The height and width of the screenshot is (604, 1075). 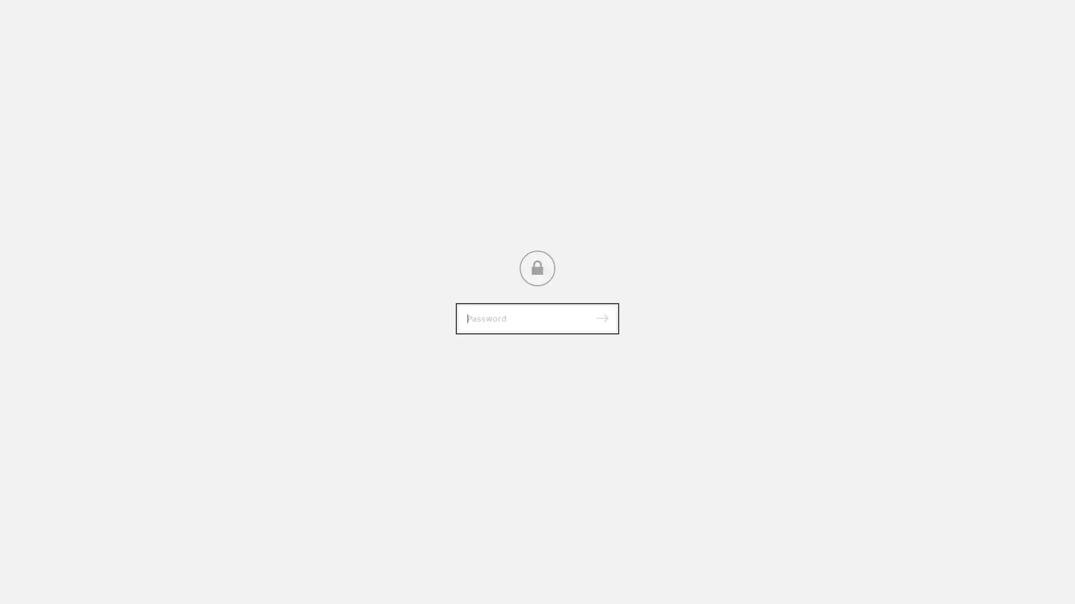 I want to click on Submit, so click(x=601, y=319).